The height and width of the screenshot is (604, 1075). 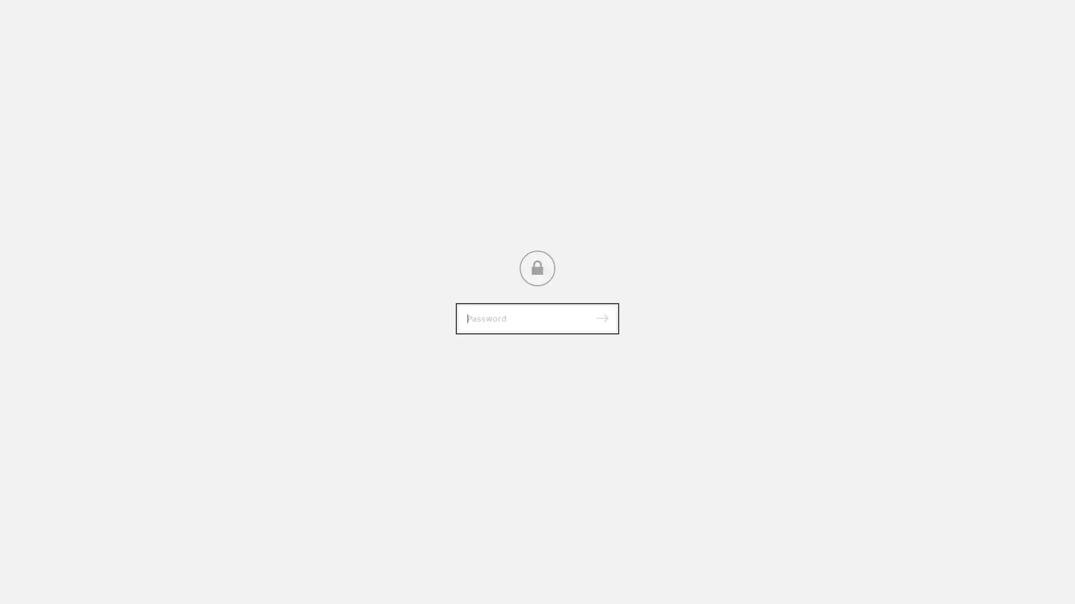 I want to click on Submit, so click(x=601, y=319).